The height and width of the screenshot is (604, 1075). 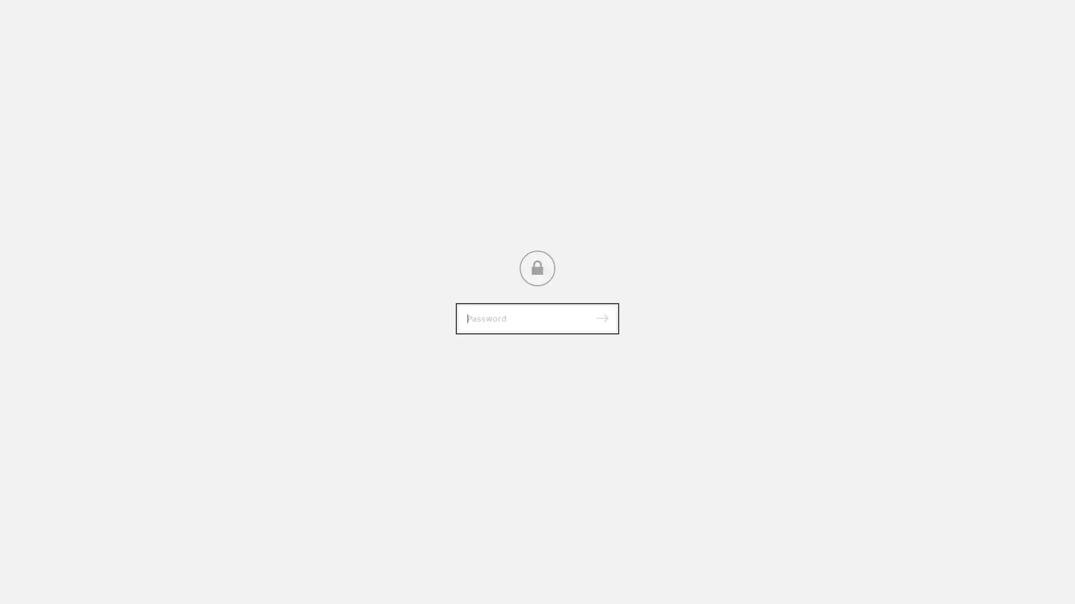 I want to click on Submit, so click(x=601, y=319).